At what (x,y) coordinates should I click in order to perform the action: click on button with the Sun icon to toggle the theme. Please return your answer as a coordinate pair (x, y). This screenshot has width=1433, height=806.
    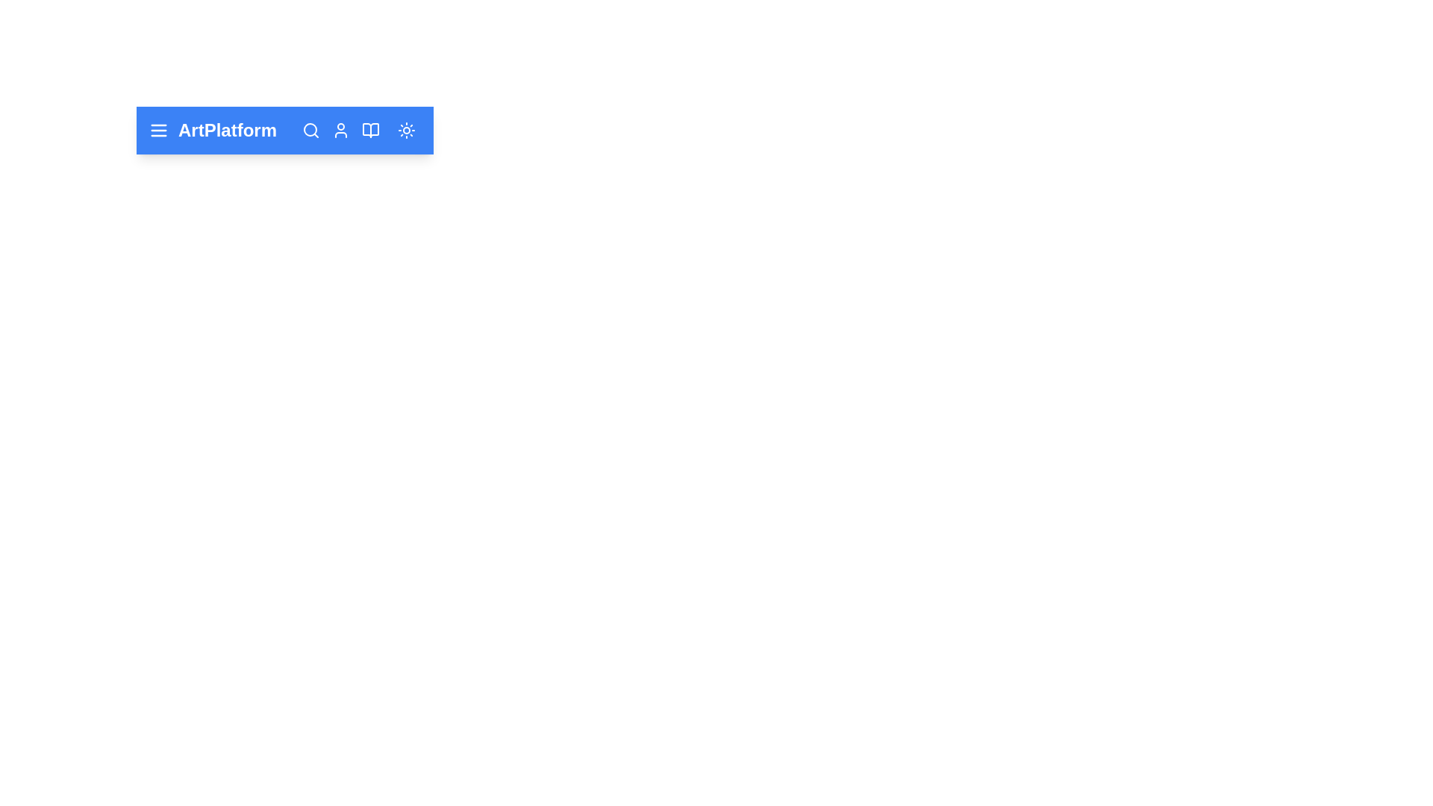
    Looking at the image, I should click on (407, 129).